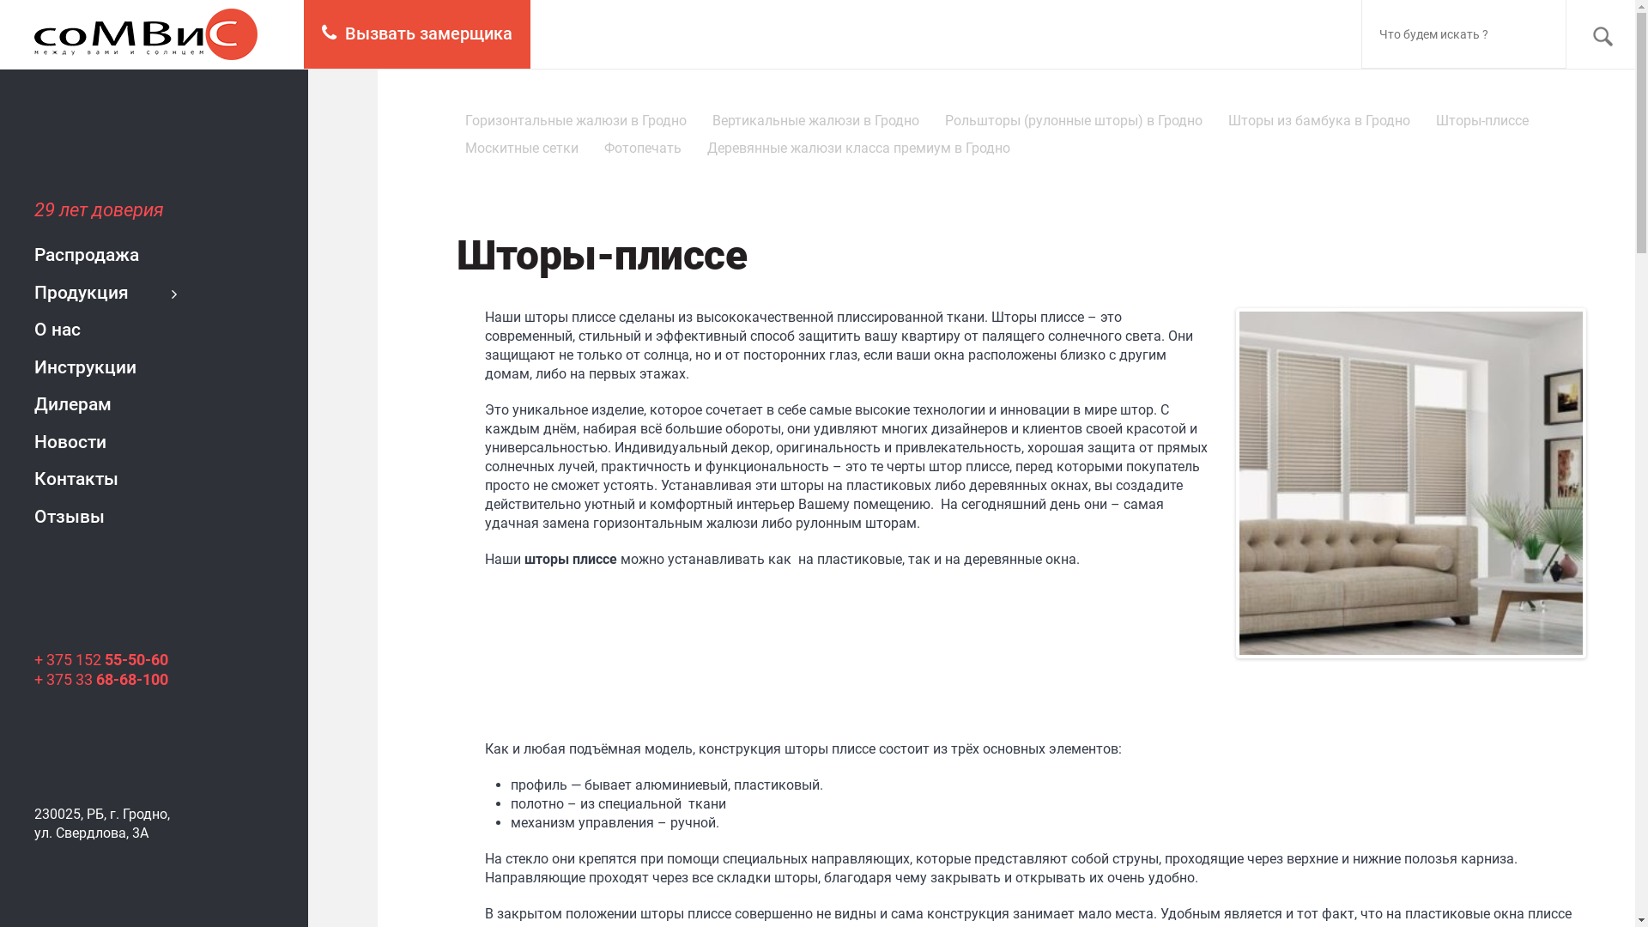 This screenshot has height=927, width=1648. What do you see at coordinates (1410, 483) in the screenshot?
I see `'8e9b085342119ca798ae7dcf298af4248c'` at bounding box center [1410, 483].